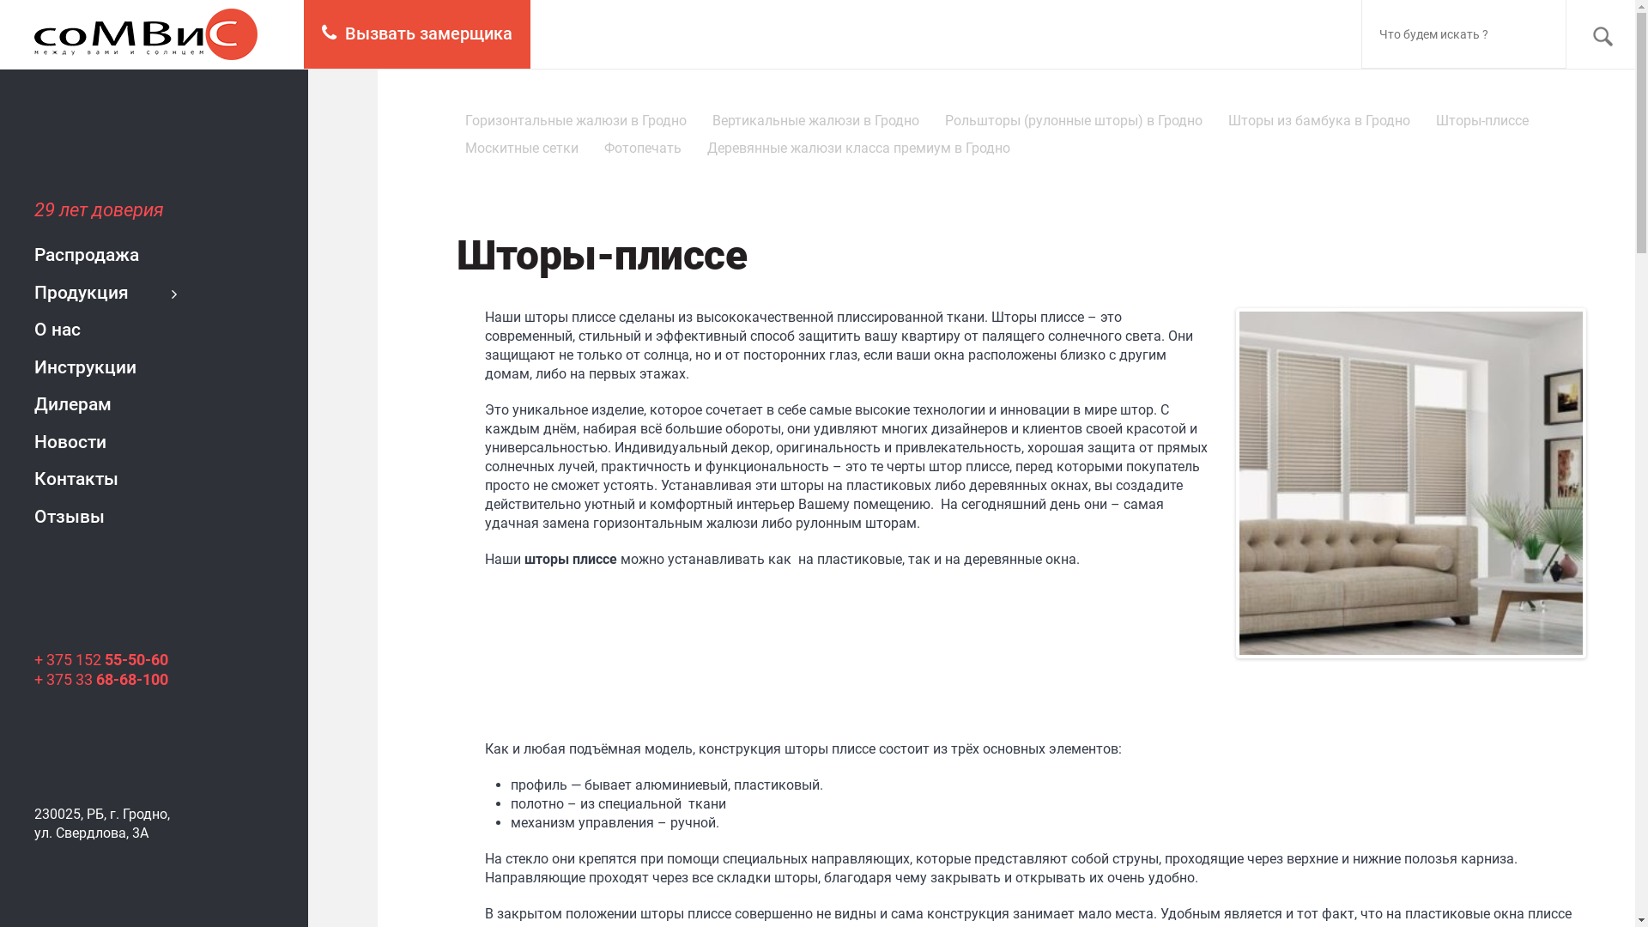 This screenshot has height=927, width=1648. What do you see at coordinates (1410, 483) in the screenshot?
I see `'8e9b085342119ca798ae7dcf298af4248c'` at bounding box center [1410, 483].